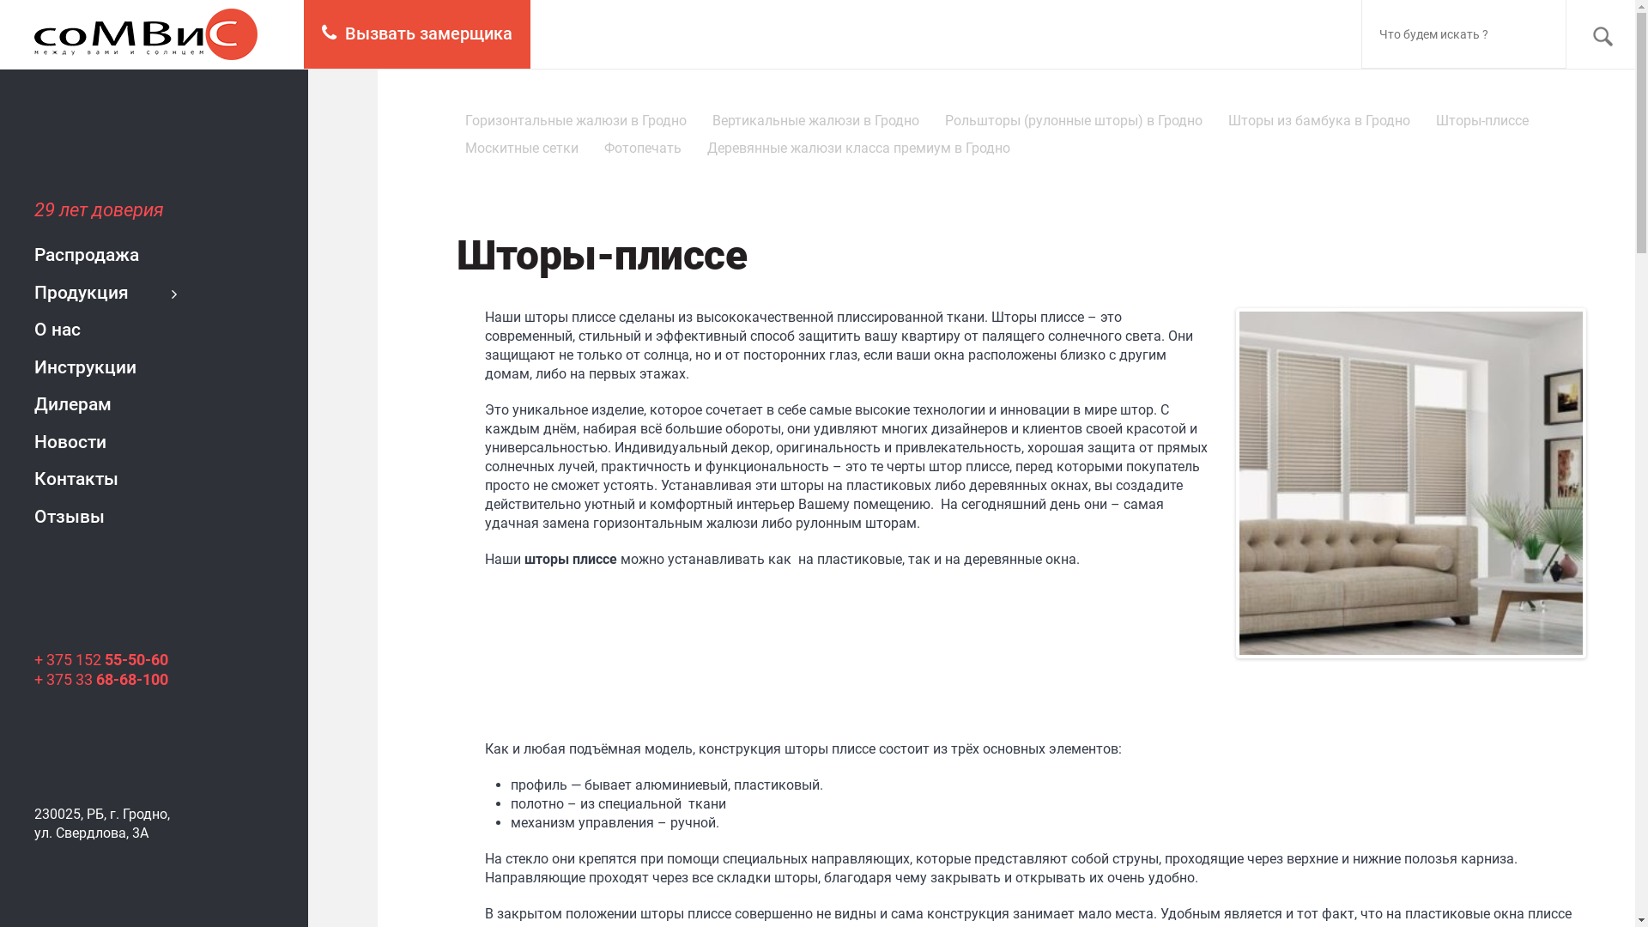 This screenshot has height=927, width=1648. What do you see at coordinates (1410, 483) in the screenshot?
I see `'8e9b085342119ca798ae7dcf298af4248c'` at bounding box center [1410, 483].